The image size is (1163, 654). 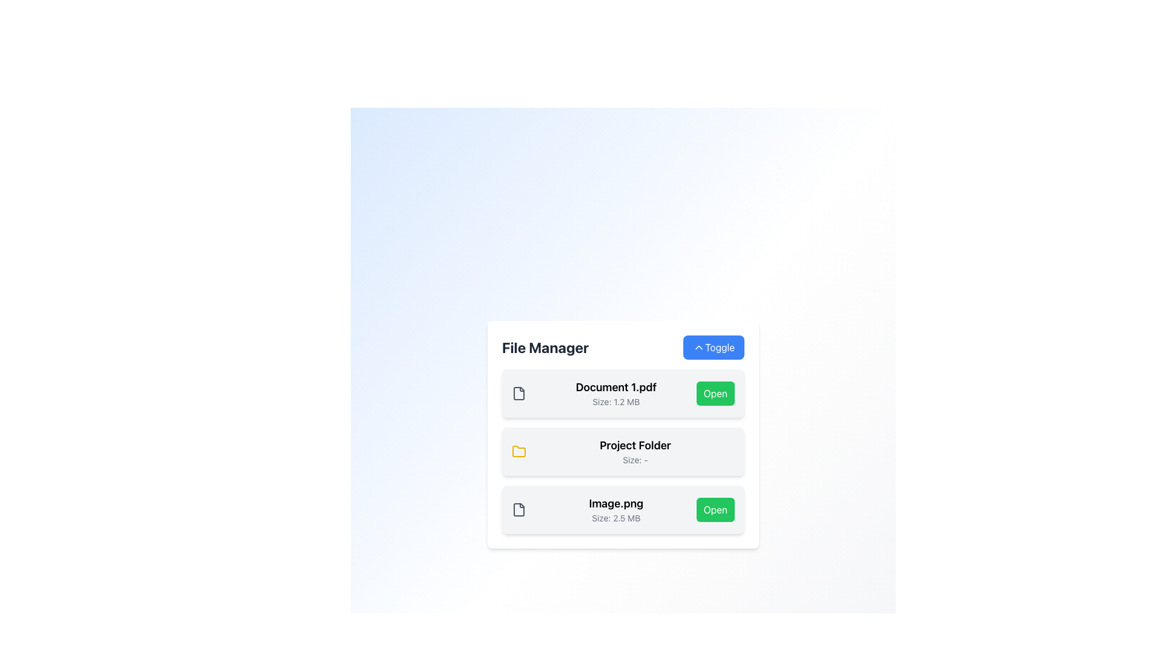 I want to click on the second list item representing a folder labeled 'Project Folder', so click(x=623, y=451).